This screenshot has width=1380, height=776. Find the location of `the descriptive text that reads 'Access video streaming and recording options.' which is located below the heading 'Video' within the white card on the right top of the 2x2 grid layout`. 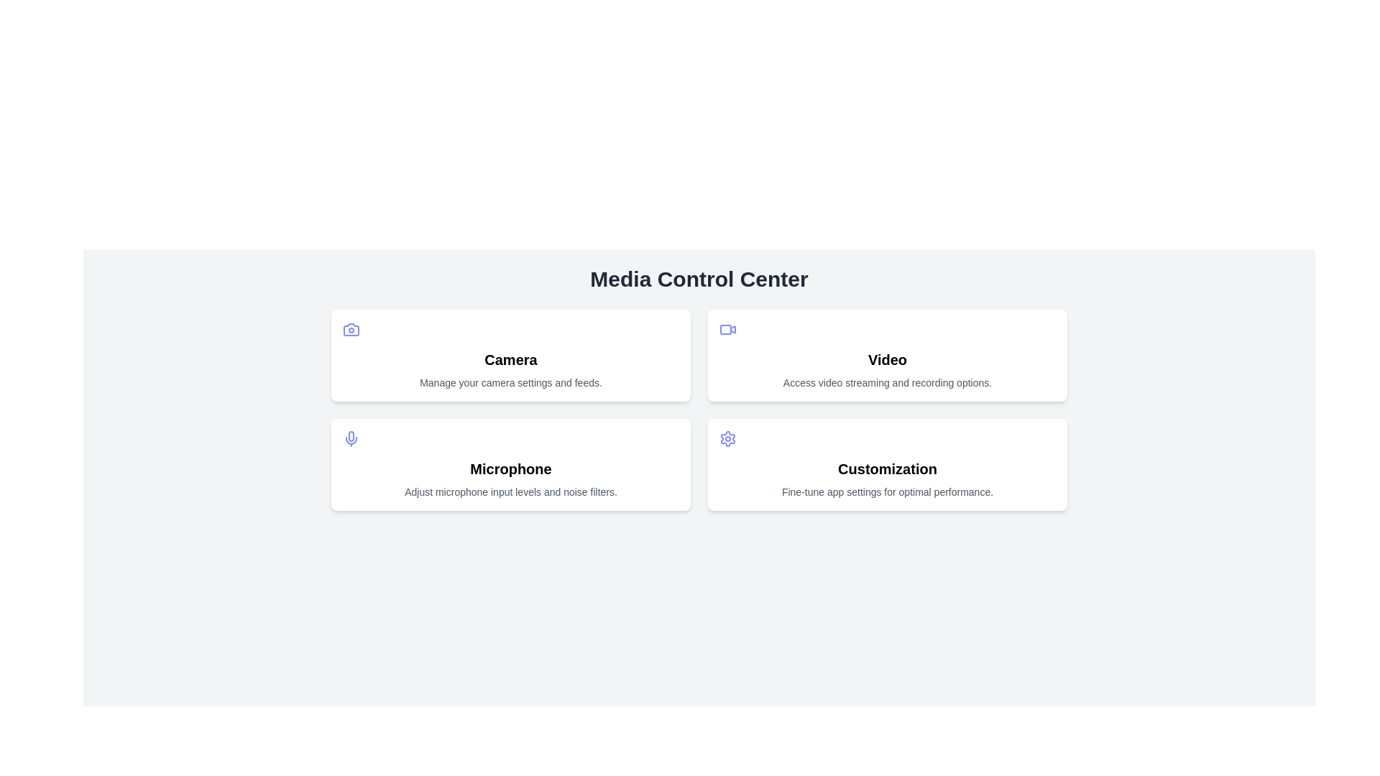

the descriptive text that reads 'Access video streaming and recording options.' which is located below the heading 'Video' within the white card on the right top of the 2x2 grid layout is located at coordinates (886, 382).